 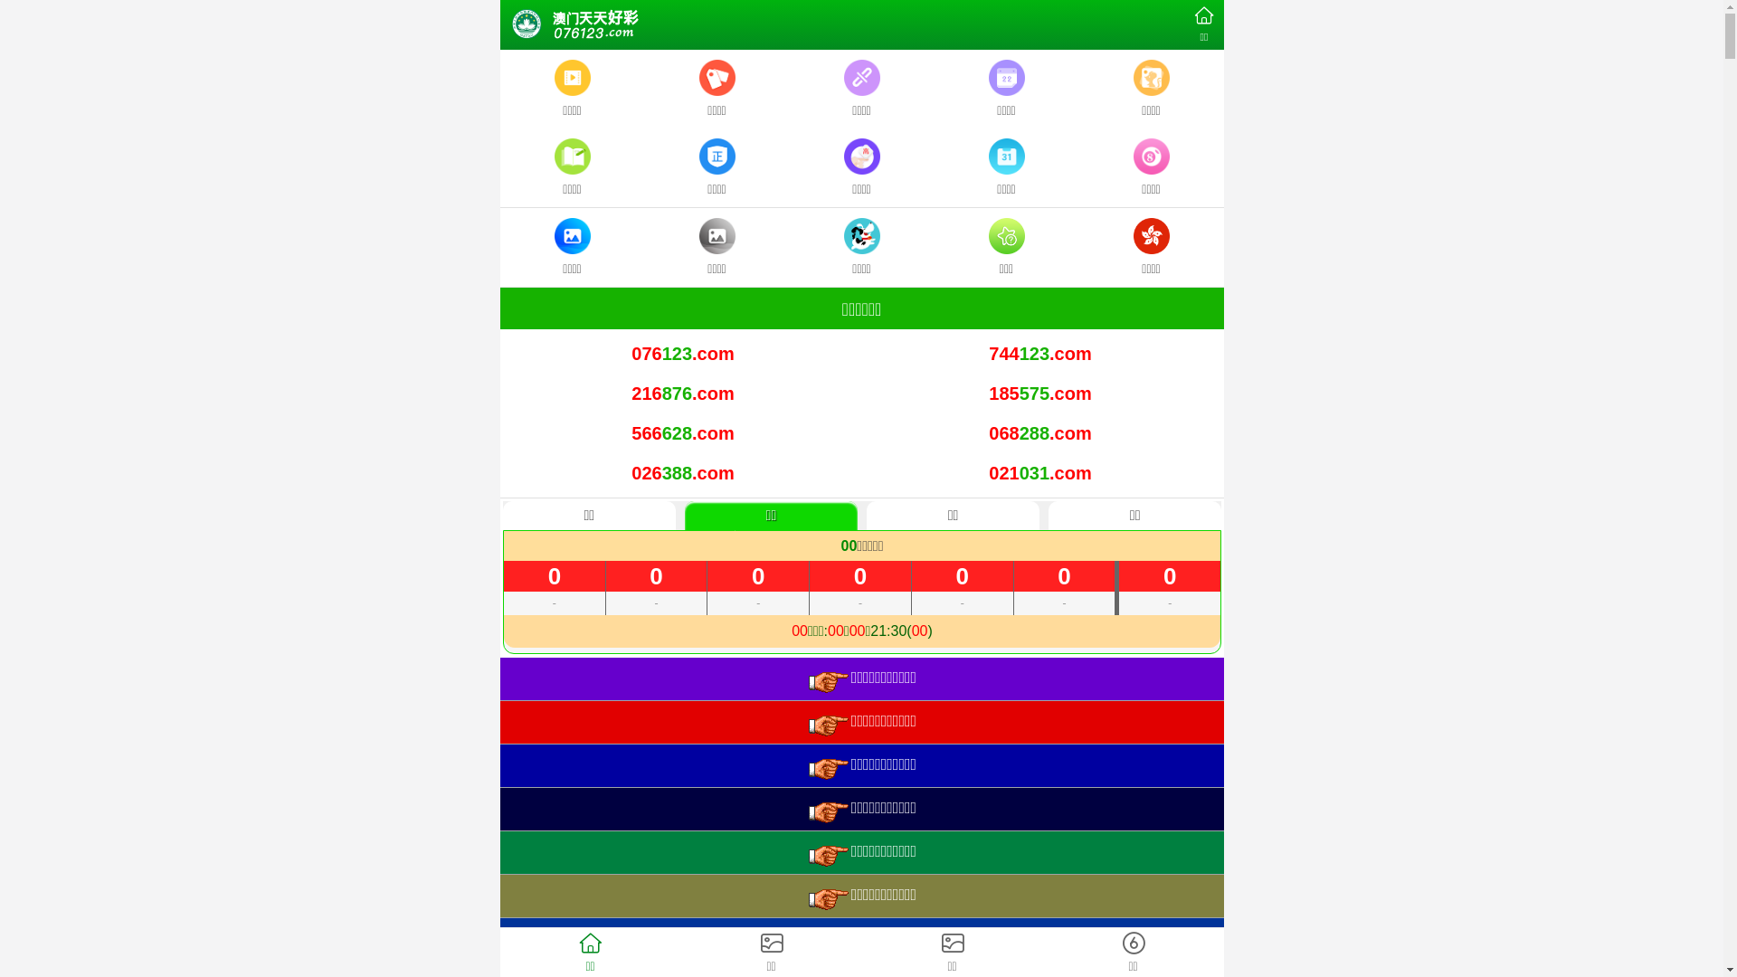 I want to click on '566628.com', so click(x=682, y=433).